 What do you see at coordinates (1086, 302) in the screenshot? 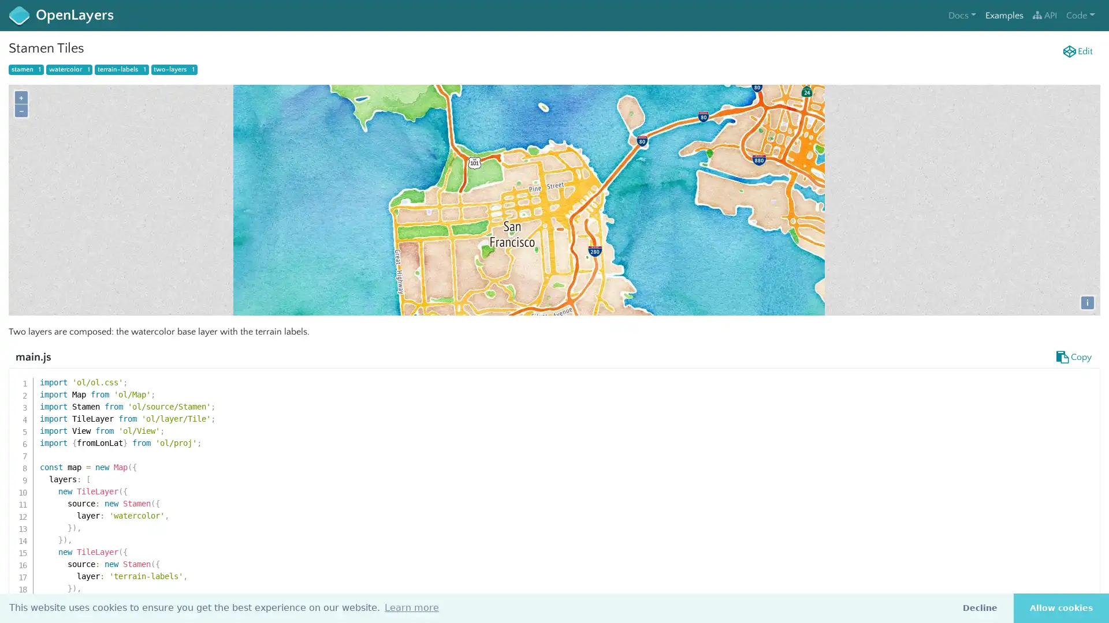
I see `i` at bounding box center [1086, 302].